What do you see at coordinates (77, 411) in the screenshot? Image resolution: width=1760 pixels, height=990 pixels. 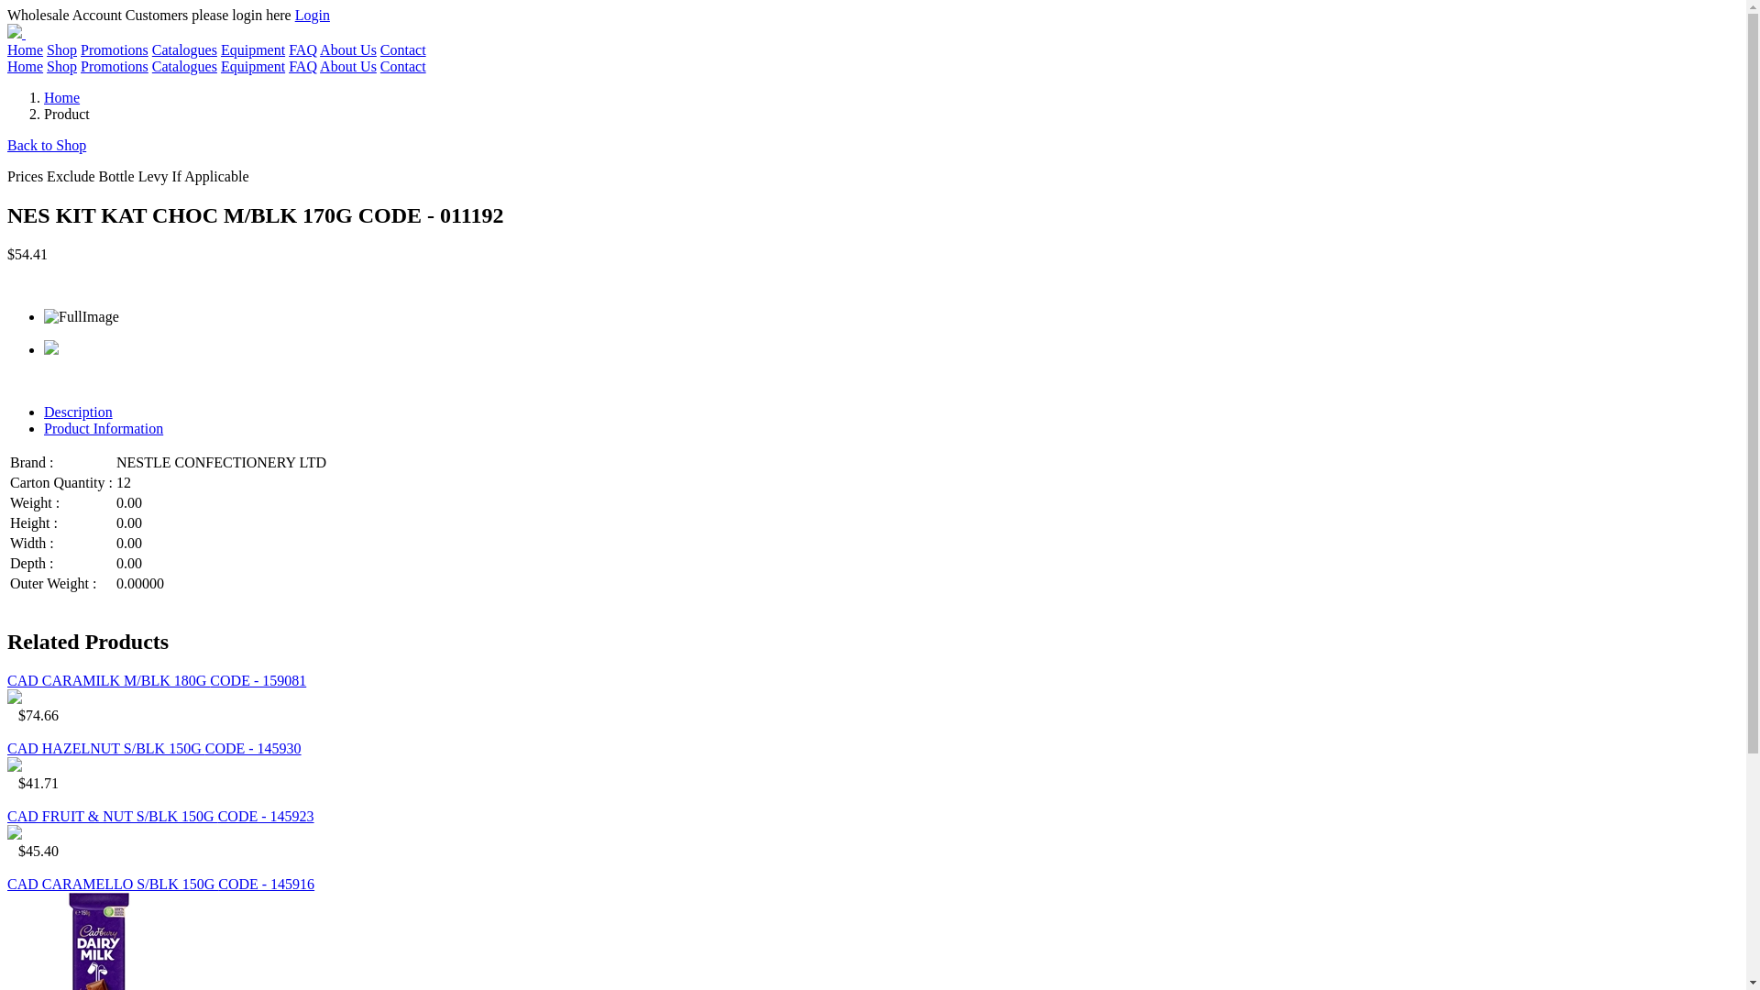 I see `'Description'` at bounding box center [77, 411].